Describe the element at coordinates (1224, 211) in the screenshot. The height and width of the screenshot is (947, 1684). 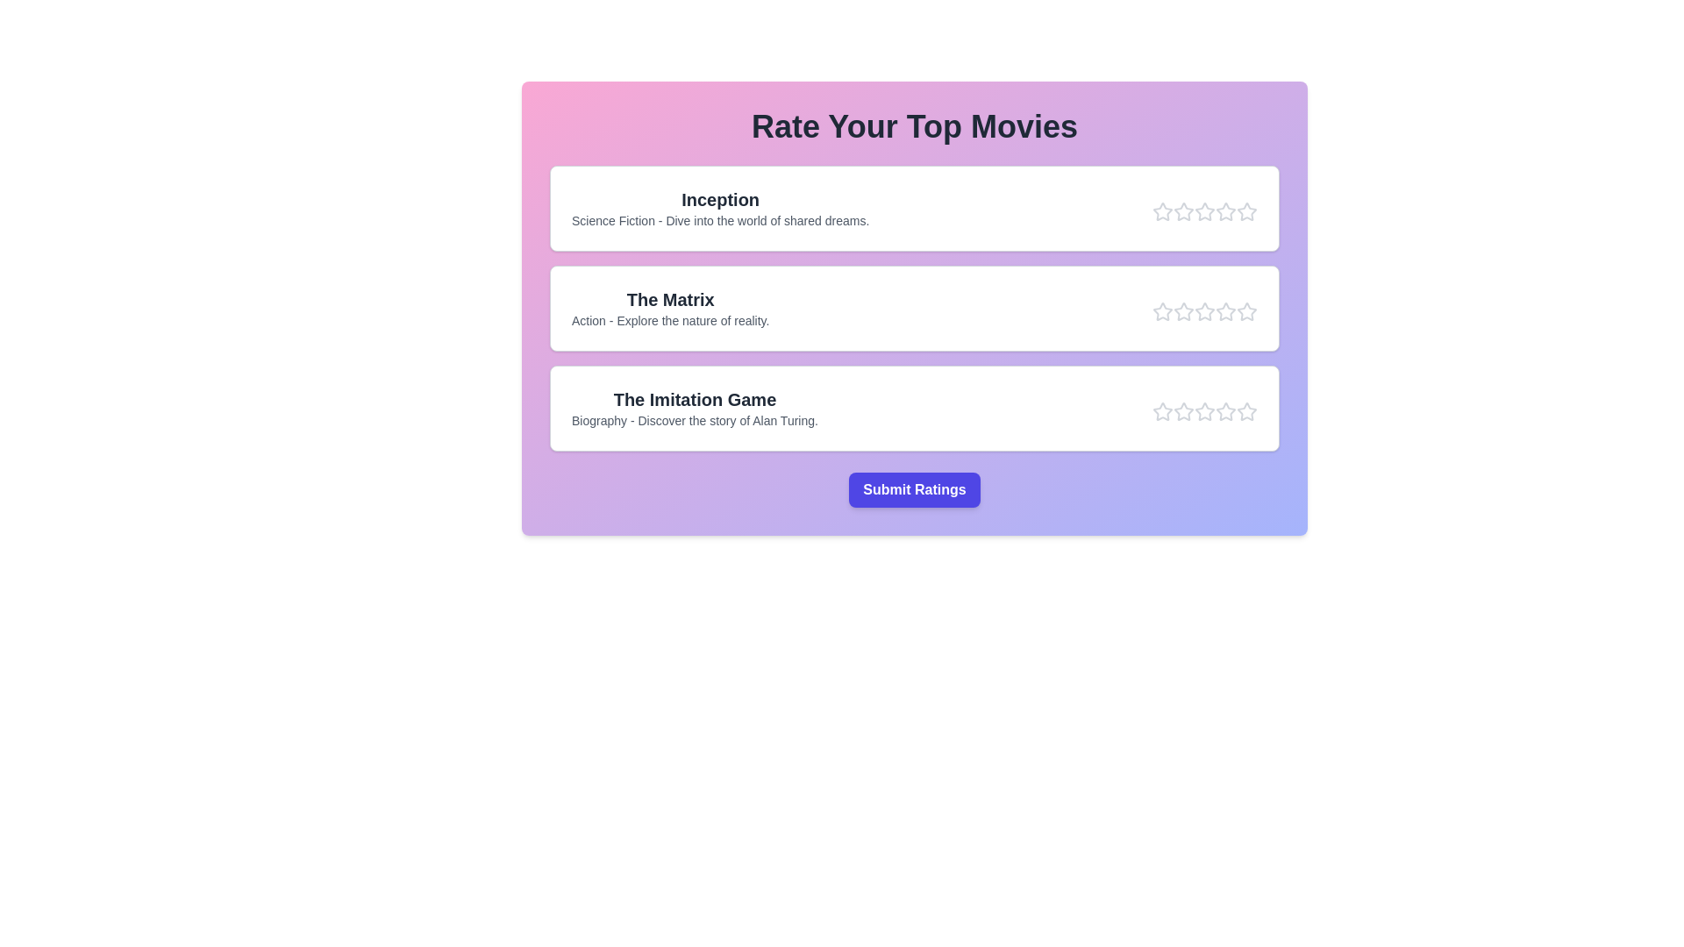
I see `the star corresponding to the rating 4 for the movie Inception` at that location.